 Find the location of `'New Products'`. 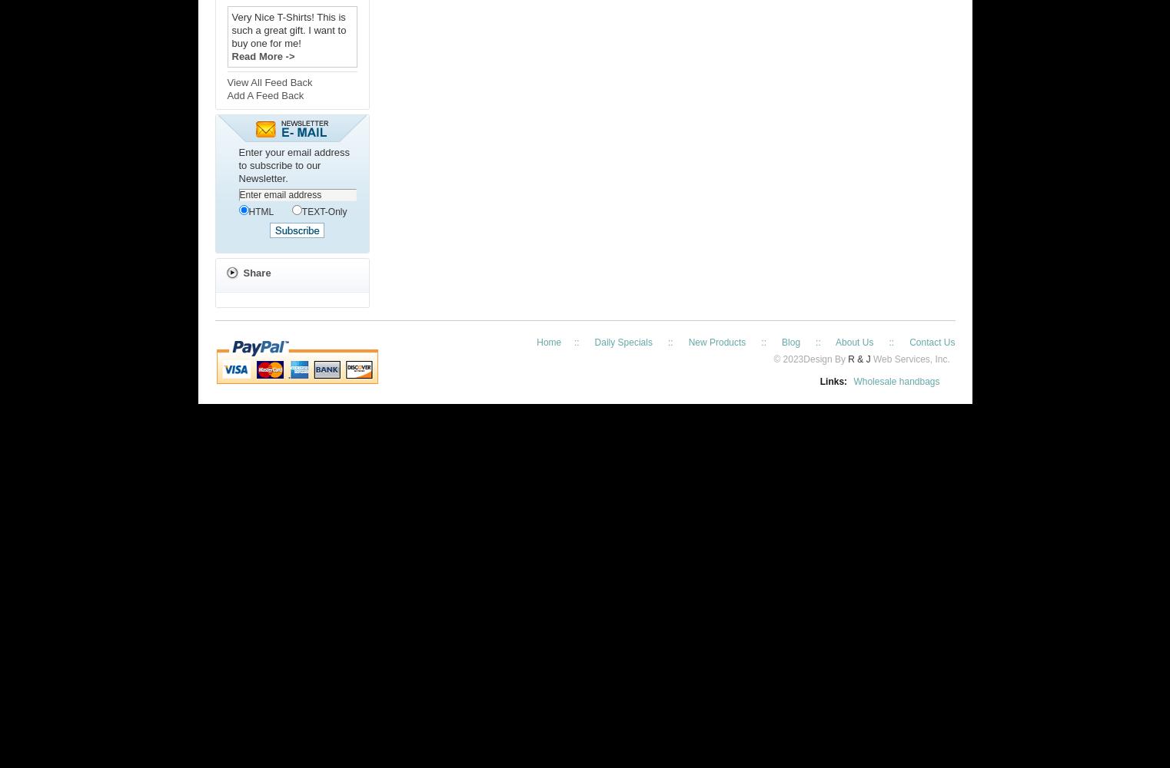

'New Products' is located at coordinates (716, 342).